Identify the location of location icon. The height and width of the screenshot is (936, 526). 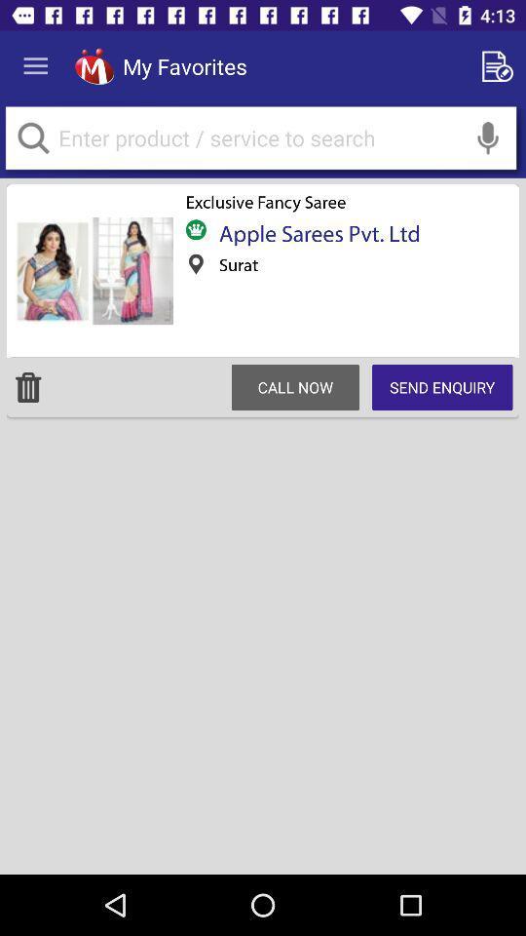
(196, 263).